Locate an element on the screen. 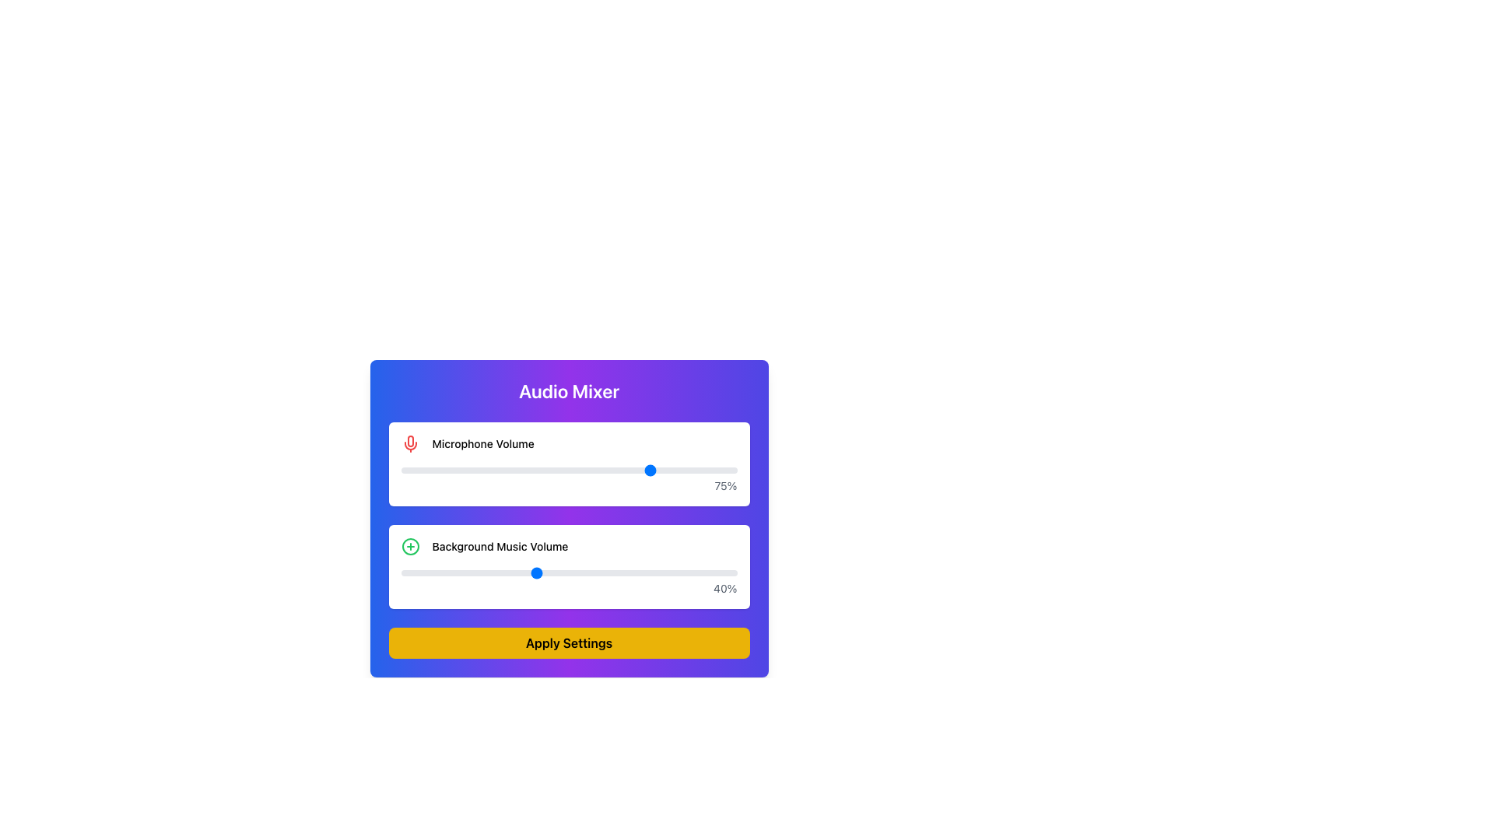 The height and width of the screenshot is (840, 1494). the background music volume is located at coordinates (693, 572).